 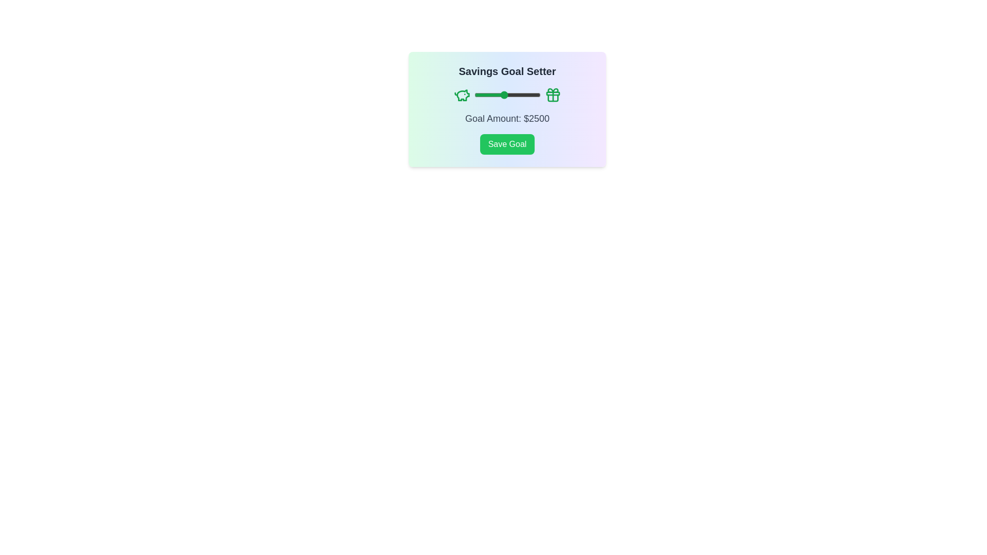 I want to click on the savings goal slider to 2908 by dragging it, so click(x=509, y=95).